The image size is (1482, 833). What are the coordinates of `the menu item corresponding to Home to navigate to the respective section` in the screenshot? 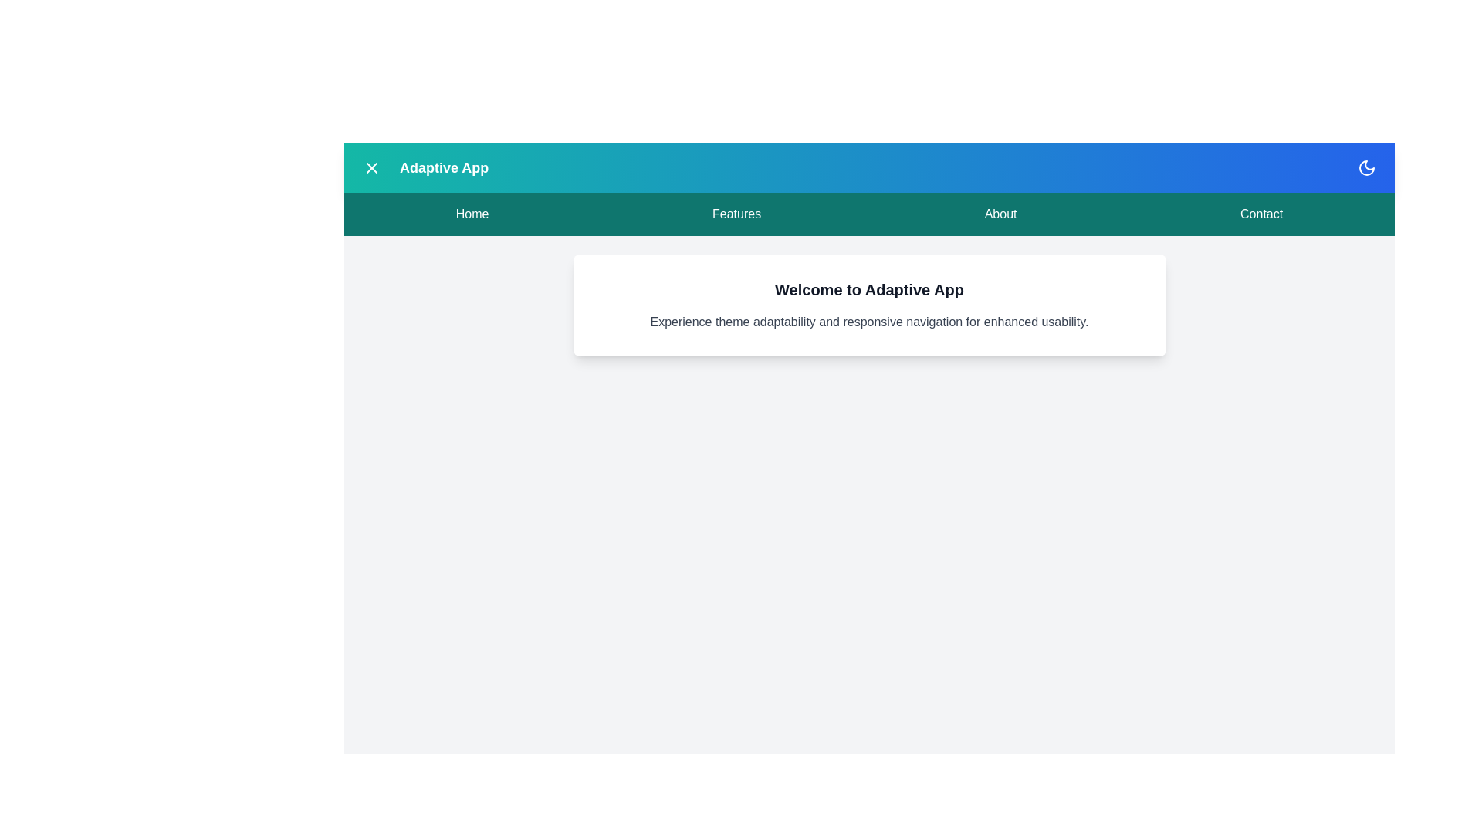 It's located at (471, 214).